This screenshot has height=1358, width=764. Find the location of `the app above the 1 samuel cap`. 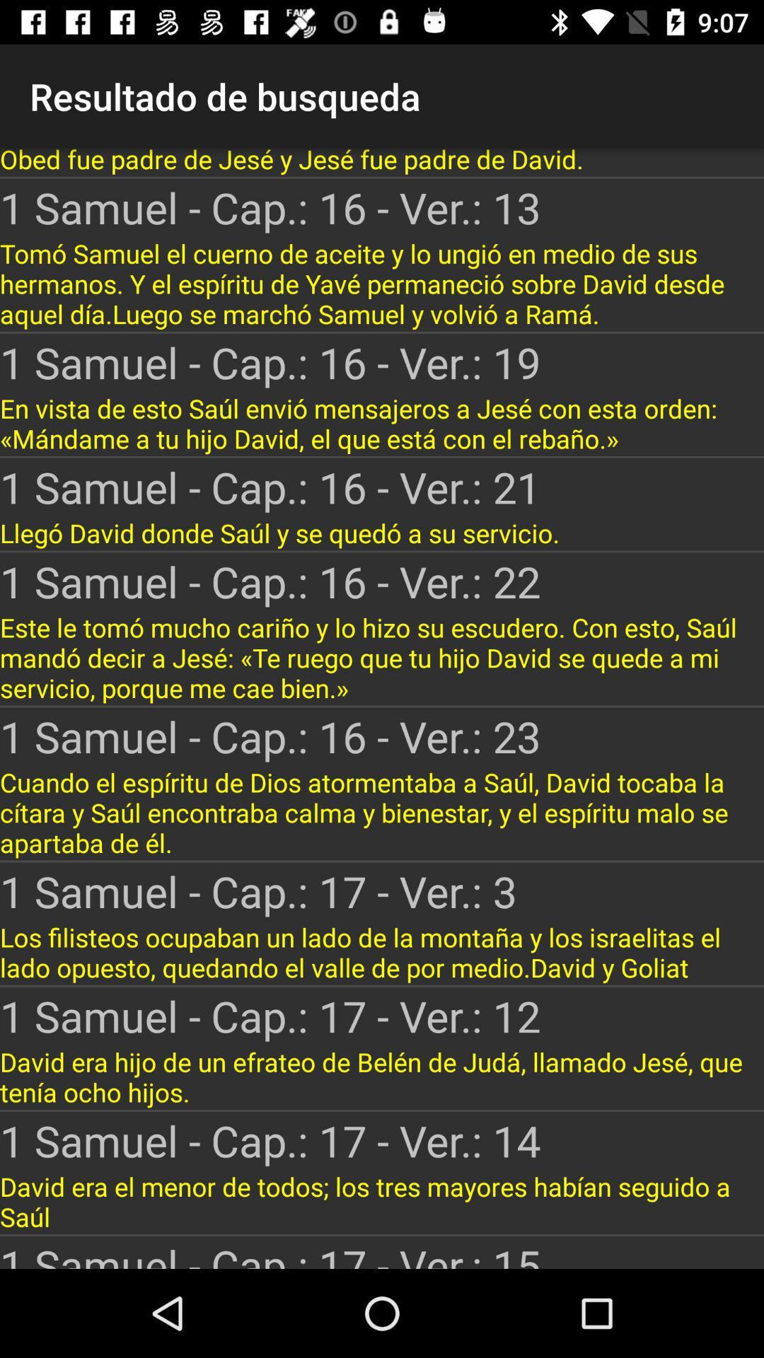

the app above the 1 samuel cap is located at coordinates (382, 952).